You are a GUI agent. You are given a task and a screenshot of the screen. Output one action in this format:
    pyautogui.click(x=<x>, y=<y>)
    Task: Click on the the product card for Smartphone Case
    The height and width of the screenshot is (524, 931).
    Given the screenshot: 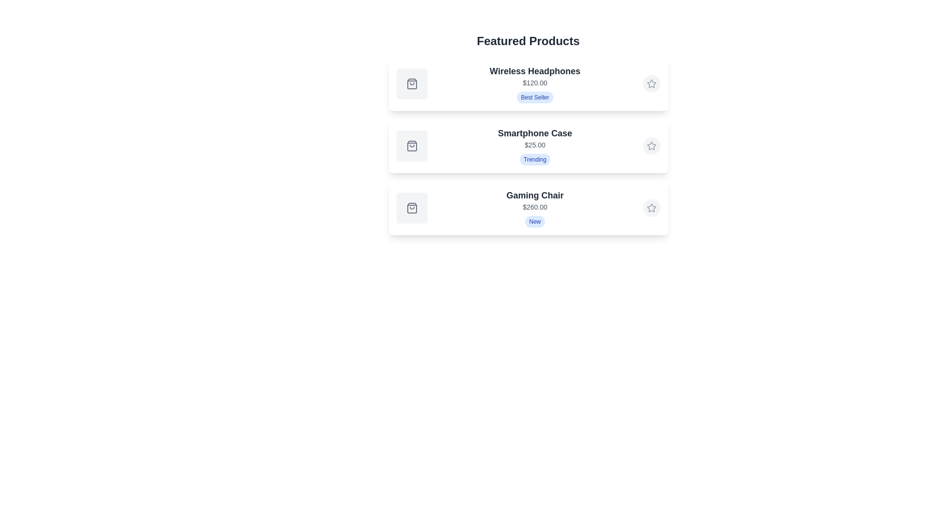 What is the action you would take?
    pyautogui.click(x=528, y=146)
    